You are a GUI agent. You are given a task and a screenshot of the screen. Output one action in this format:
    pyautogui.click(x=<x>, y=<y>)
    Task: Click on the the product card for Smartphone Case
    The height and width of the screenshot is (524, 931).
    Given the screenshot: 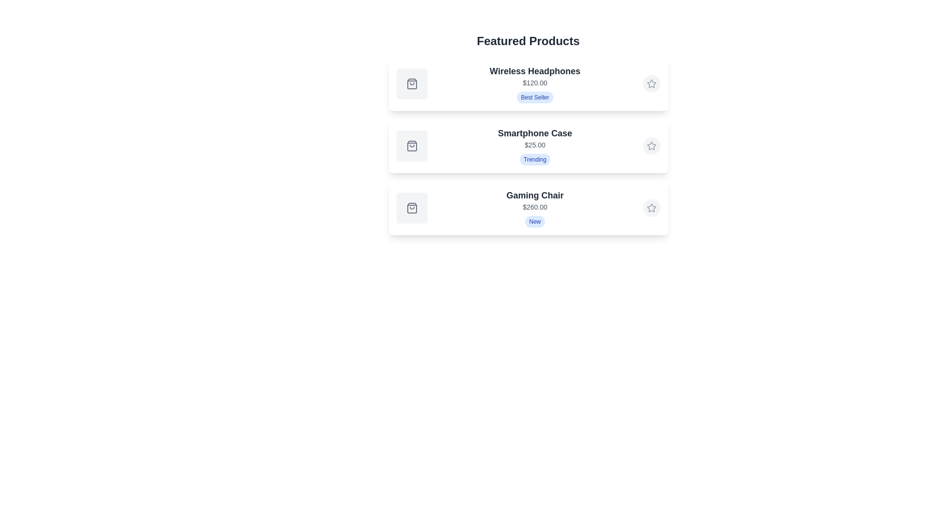 What is the action you would take?
    pyautogui.click(x=528, y=146)
    